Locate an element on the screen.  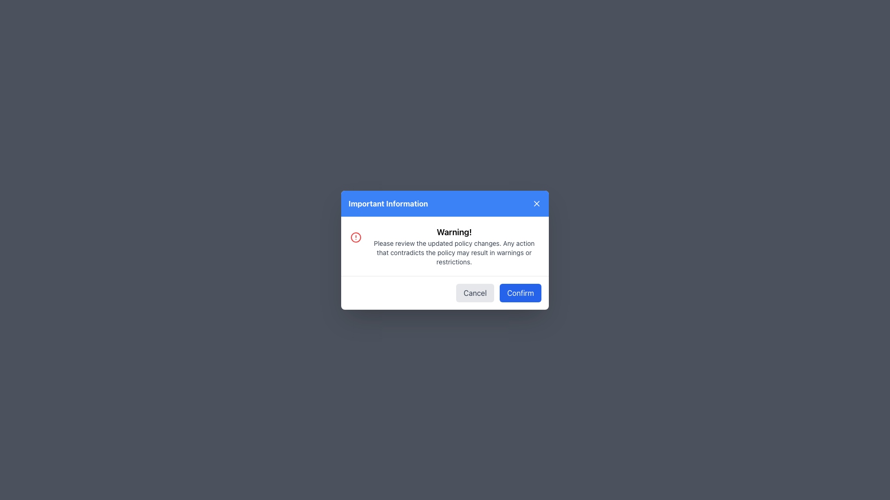
the 'X' icon in the top-right corner of the 'Important Information' modal is located at coordinates (536, 203).